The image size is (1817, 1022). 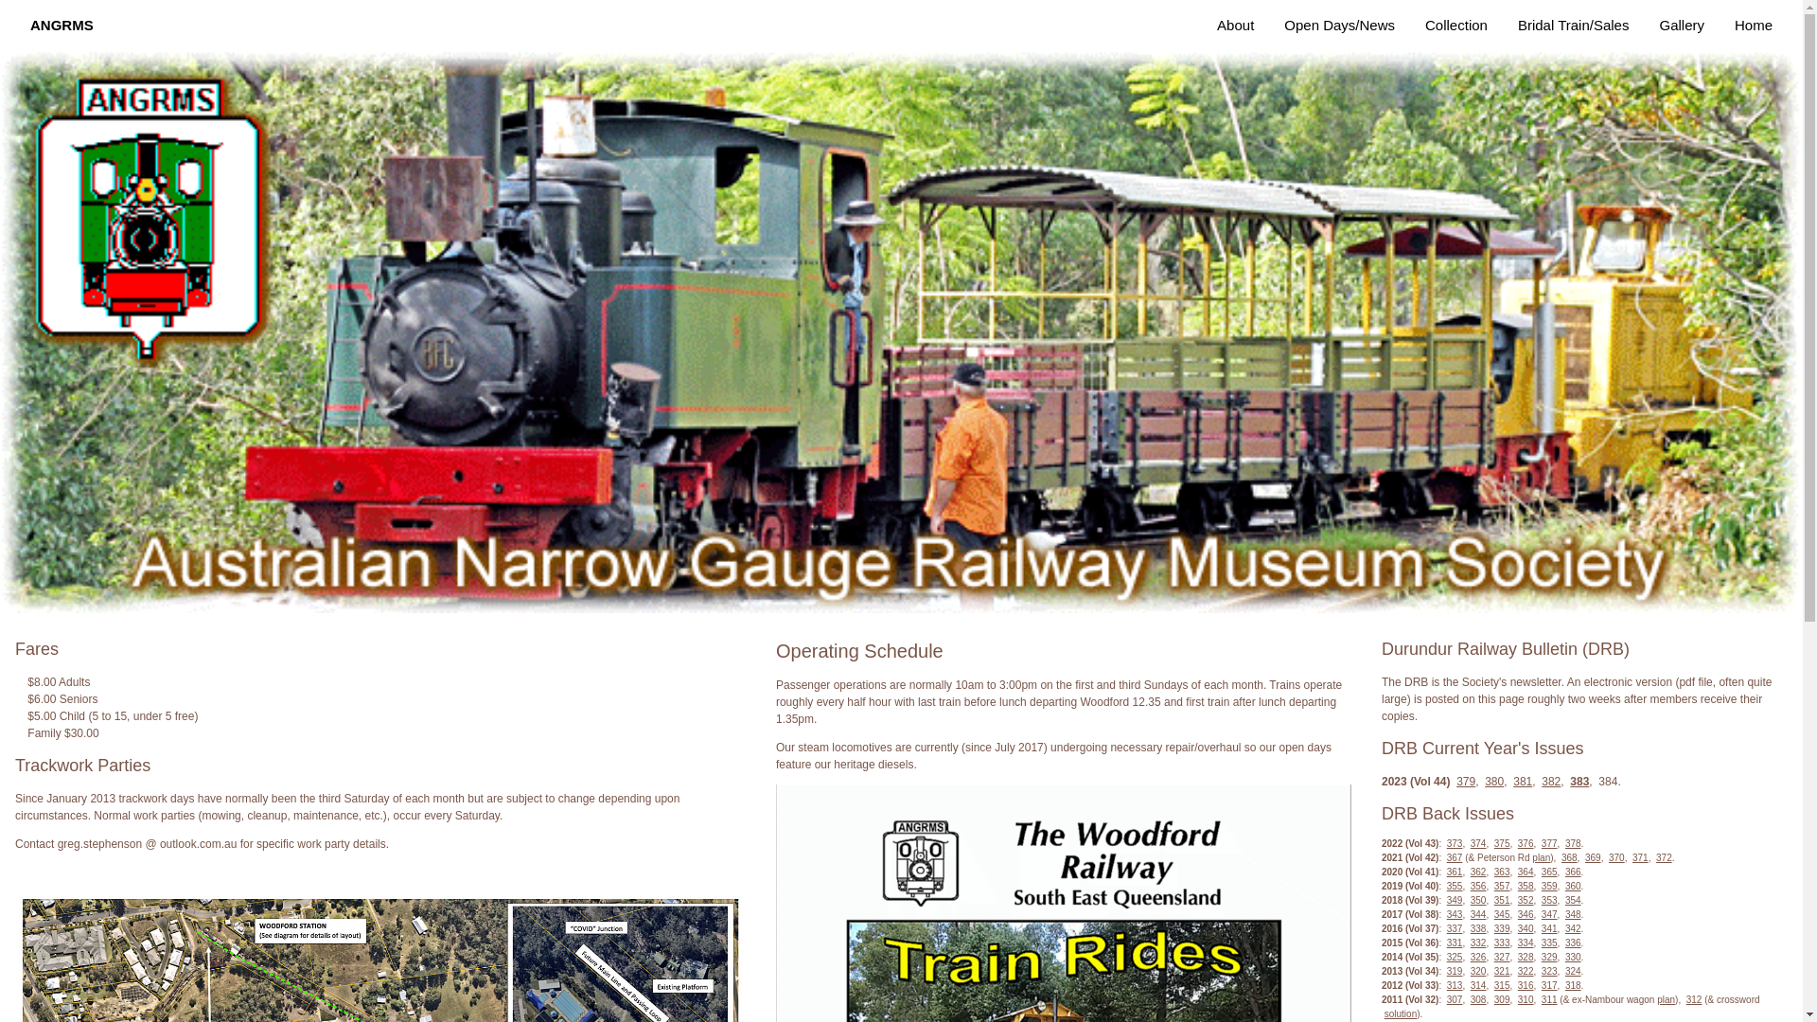 What do you see at coordinates (1631, 857) in the screenshot?
I see `'371'` at bounding box center [1631, 857].